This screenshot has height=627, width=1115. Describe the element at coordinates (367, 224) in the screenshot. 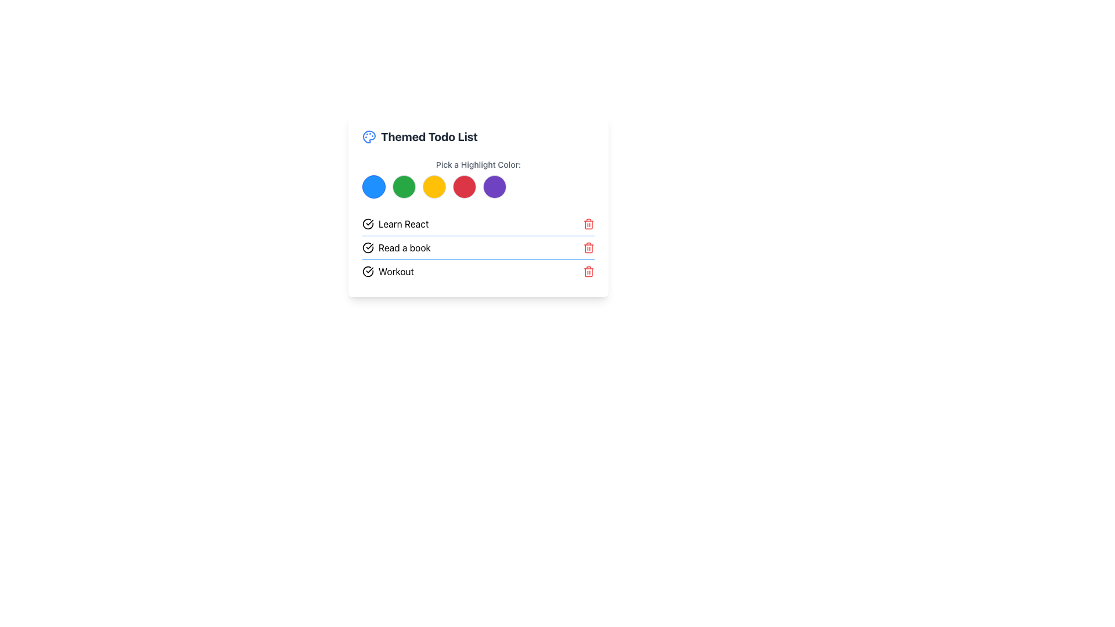

I see `the completion status by interacting with the circular blue checkmark icon located to the left of the text 'Learn React' in the first row of the 'Themed Todo List' section` at that location.